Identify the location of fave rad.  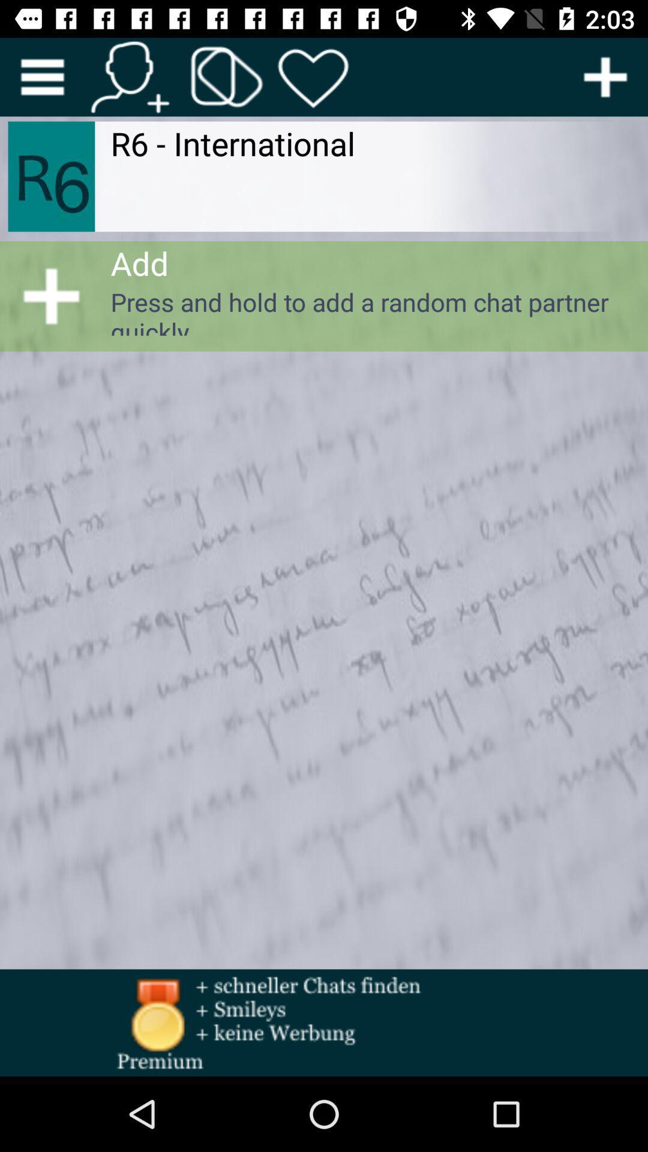
(313, 76).